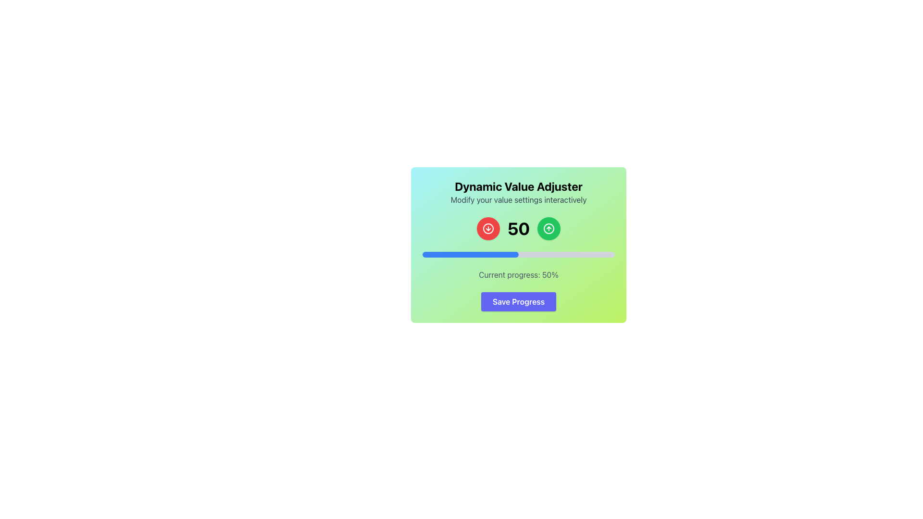 This screenshot has width=923, height=519. I want to click on the 'Save Progress' button, which is a rectangular button with a purple background and white text, located at the bottom center of the card interface, so click(518, 301).